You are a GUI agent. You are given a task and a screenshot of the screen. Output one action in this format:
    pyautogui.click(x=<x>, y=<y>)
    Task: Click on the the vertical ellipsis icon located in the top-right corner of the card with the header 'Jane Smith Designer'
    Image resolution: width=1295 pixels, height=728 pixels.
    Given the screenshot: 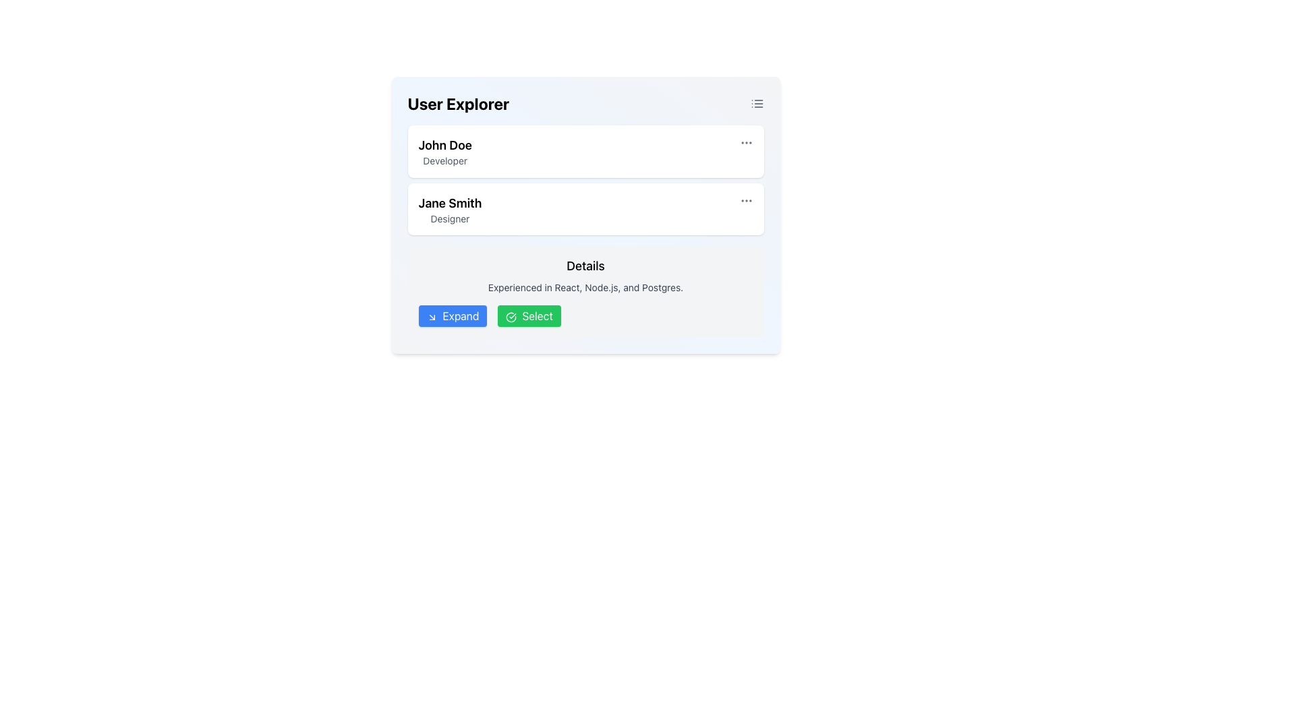 What is the action you would take?
    pyautogui.click(x=745, y=200)
    